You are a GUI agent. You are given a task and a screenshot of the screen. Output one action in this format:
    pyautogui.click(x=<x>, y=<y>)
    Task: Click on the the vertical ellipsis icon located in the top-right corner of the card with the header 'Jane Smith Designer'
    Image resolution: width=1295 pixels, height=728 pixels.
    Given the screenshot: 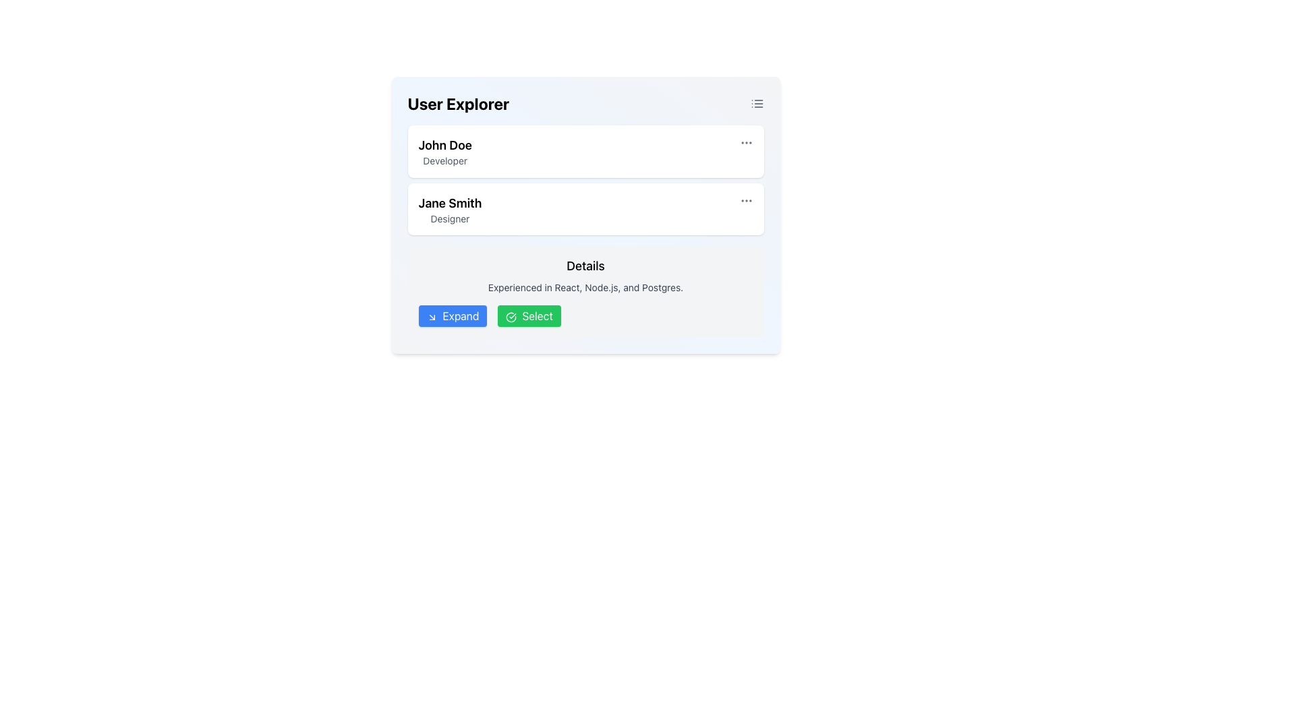 What is the action you would take?
    pyautogui.click(x=745, y=200)
    